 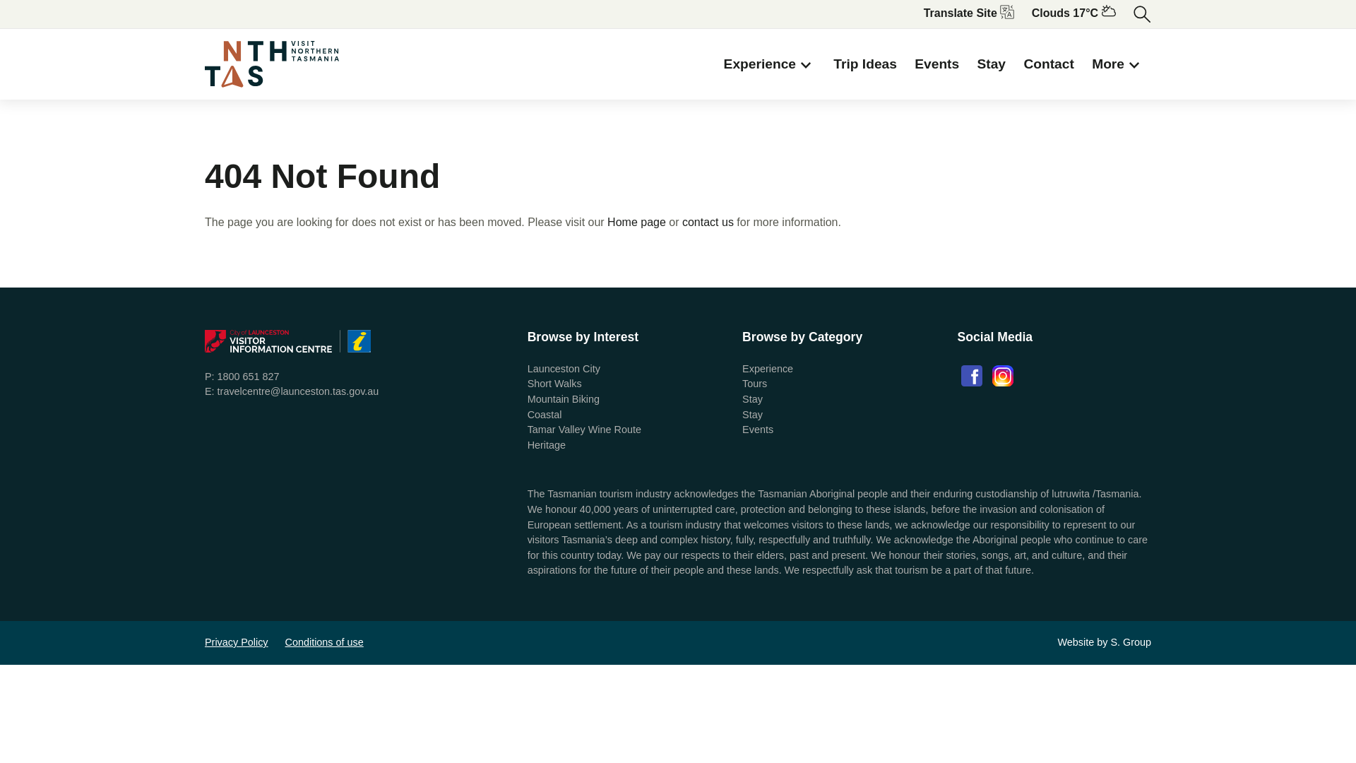 I want to click on 'Privacy Policy', so click(x=237, y=643).